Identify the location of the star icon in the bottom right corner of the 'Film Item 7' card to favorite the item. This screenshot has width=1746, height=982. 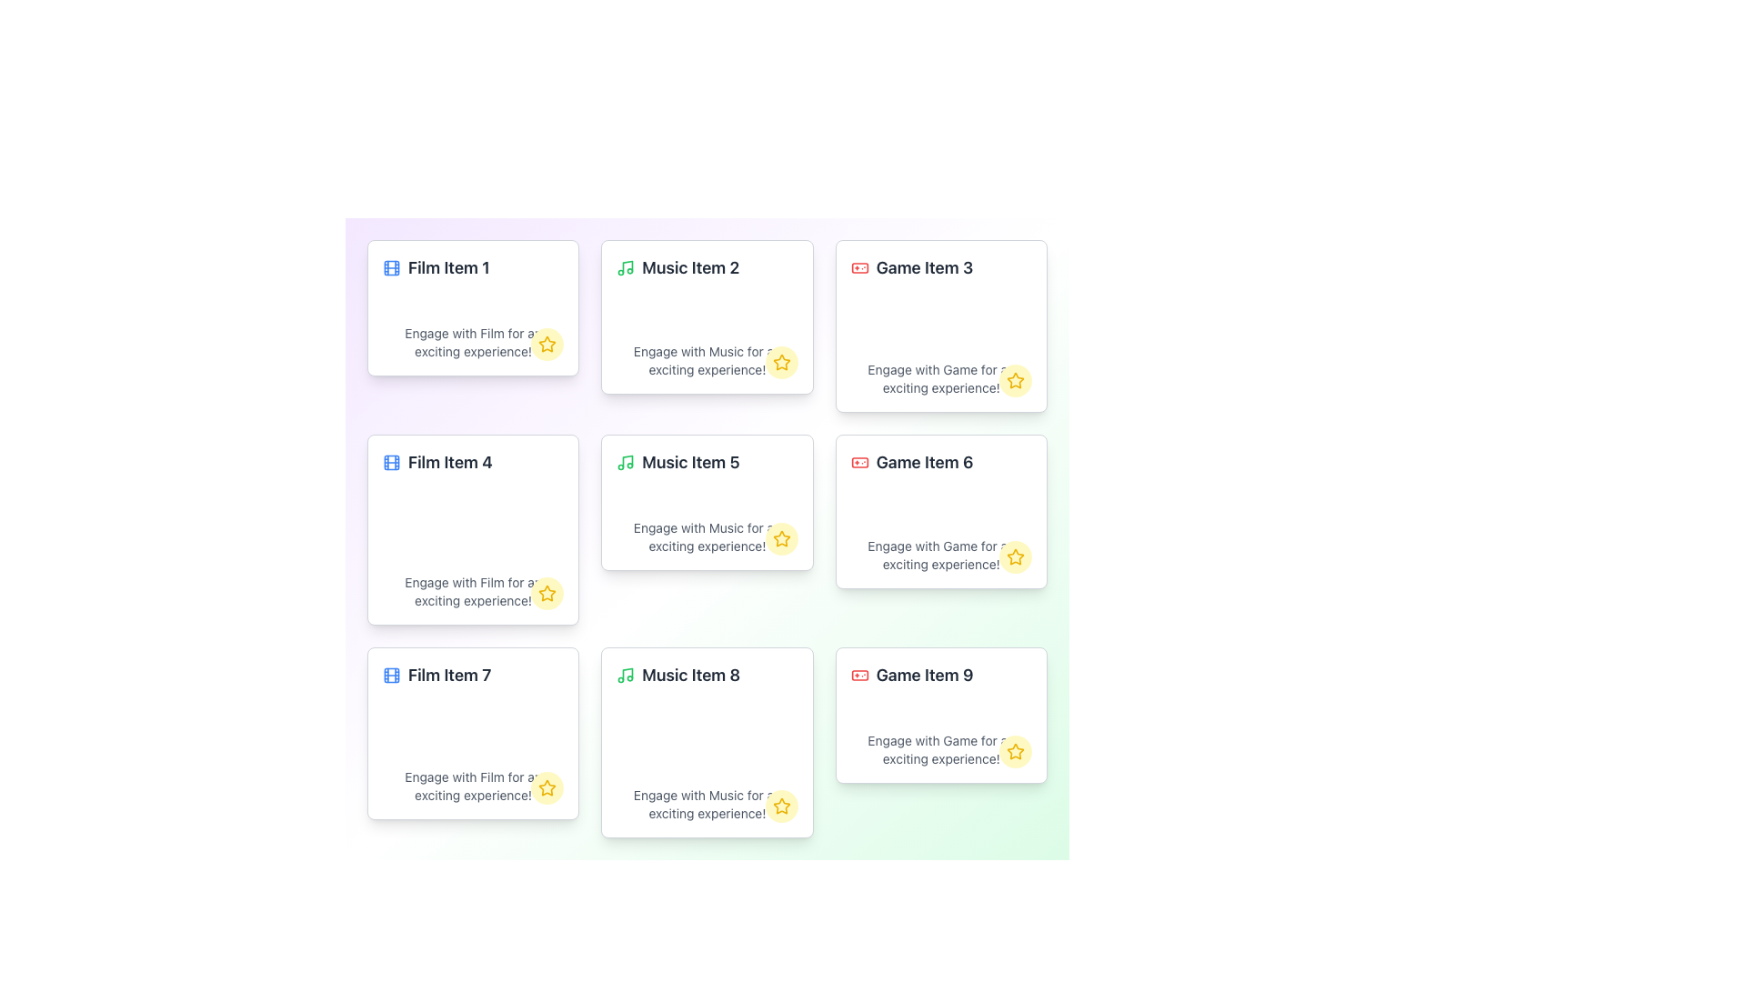
(547, 787).